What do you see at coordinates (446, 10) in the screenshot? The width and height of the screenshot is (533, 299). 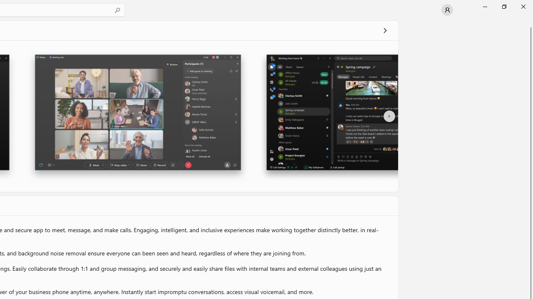 I see `'User profile'` at bounding box center [446, 10].